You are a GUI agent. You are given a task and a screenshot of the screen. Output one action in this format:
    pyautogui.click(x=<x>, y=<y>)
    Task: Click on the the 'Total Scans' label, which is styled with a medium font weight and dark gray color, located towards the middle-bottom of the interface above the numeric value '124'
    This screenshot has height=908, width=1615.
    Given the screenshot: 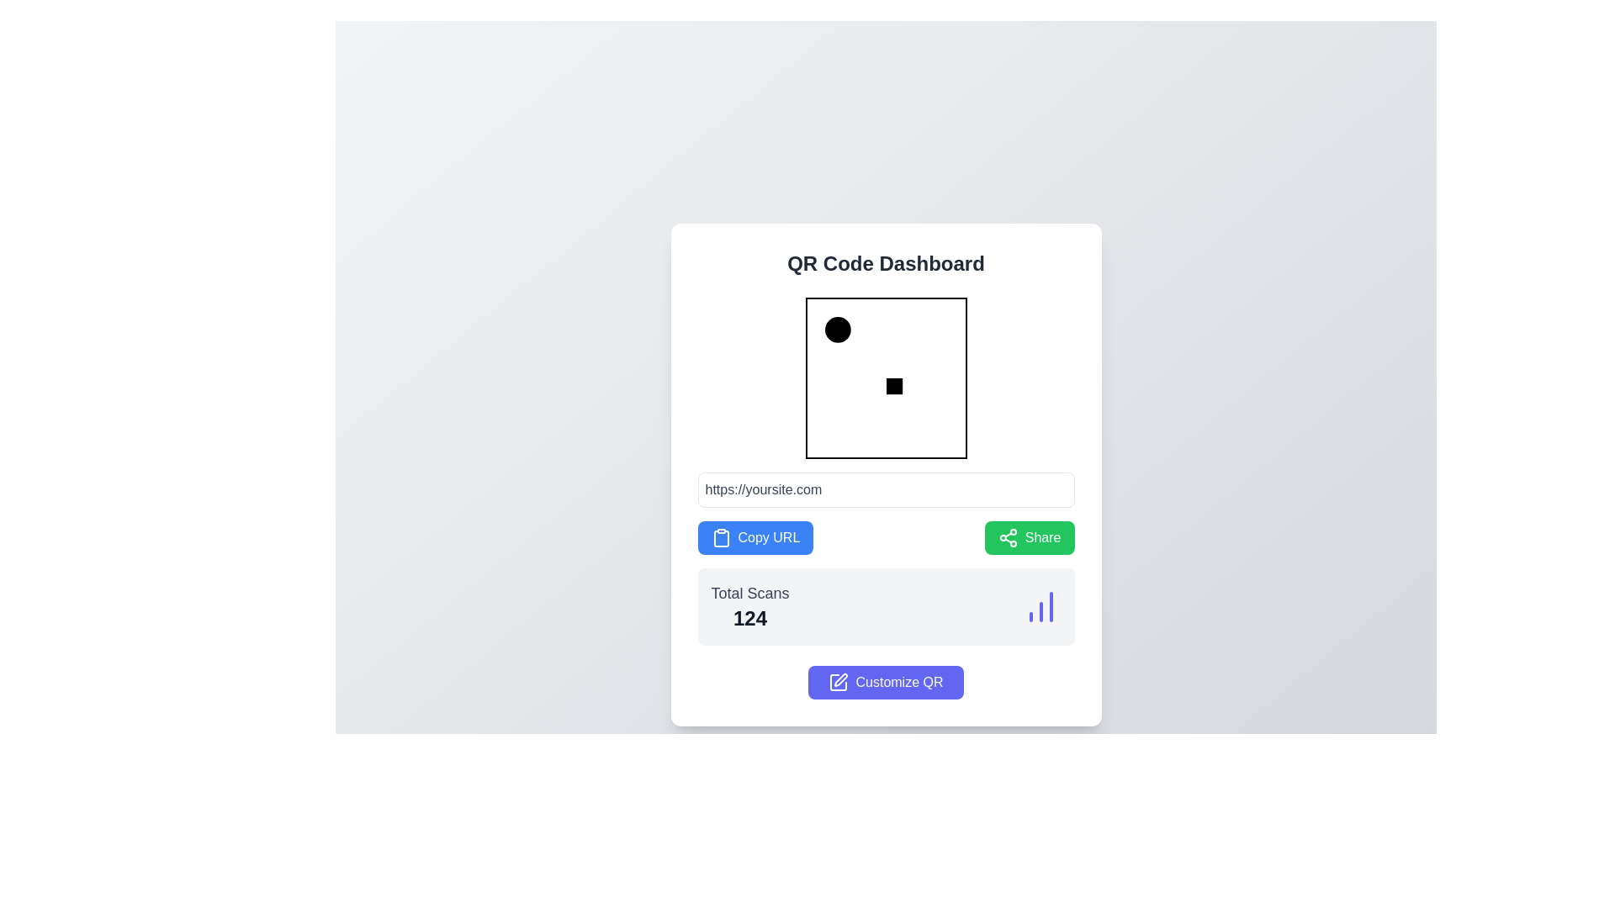 What is the action you would take?
    pyautogui.click(x=749, y=592)
    